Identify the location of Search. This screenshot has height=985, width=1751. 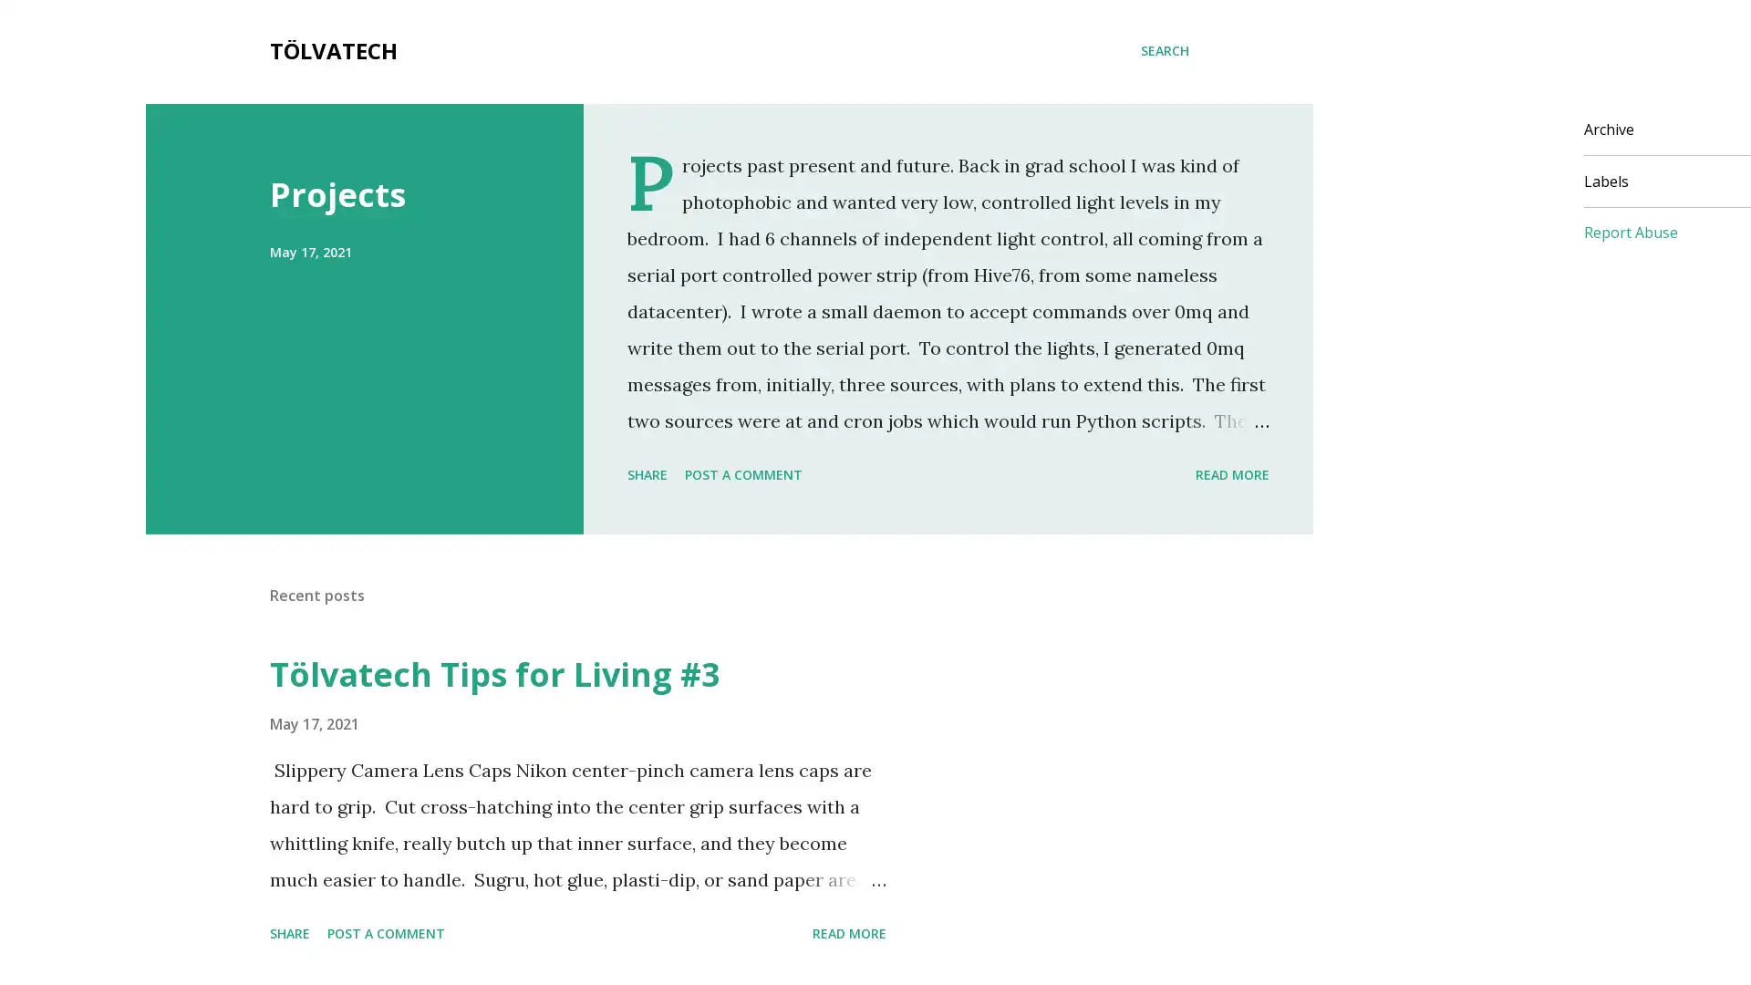
(1164, 50).